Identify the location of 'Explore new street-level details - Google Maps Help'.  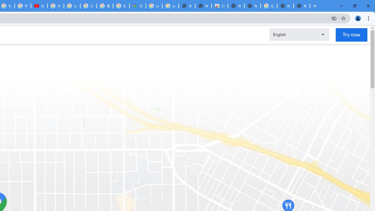
(121, 6).